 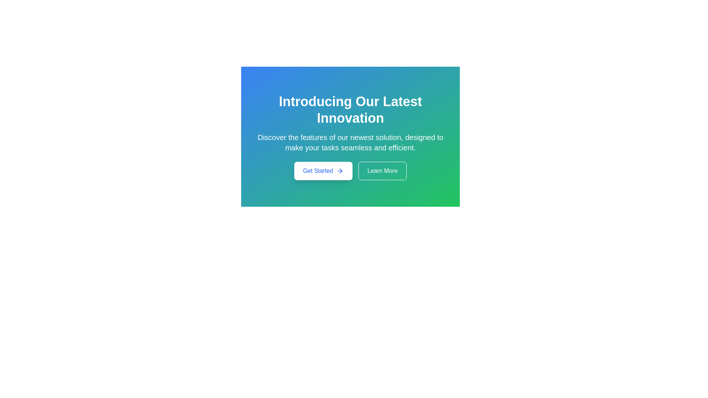 I want to click on the second button in a horizontal arrangement of two buttons, so click(x=382, y=171).